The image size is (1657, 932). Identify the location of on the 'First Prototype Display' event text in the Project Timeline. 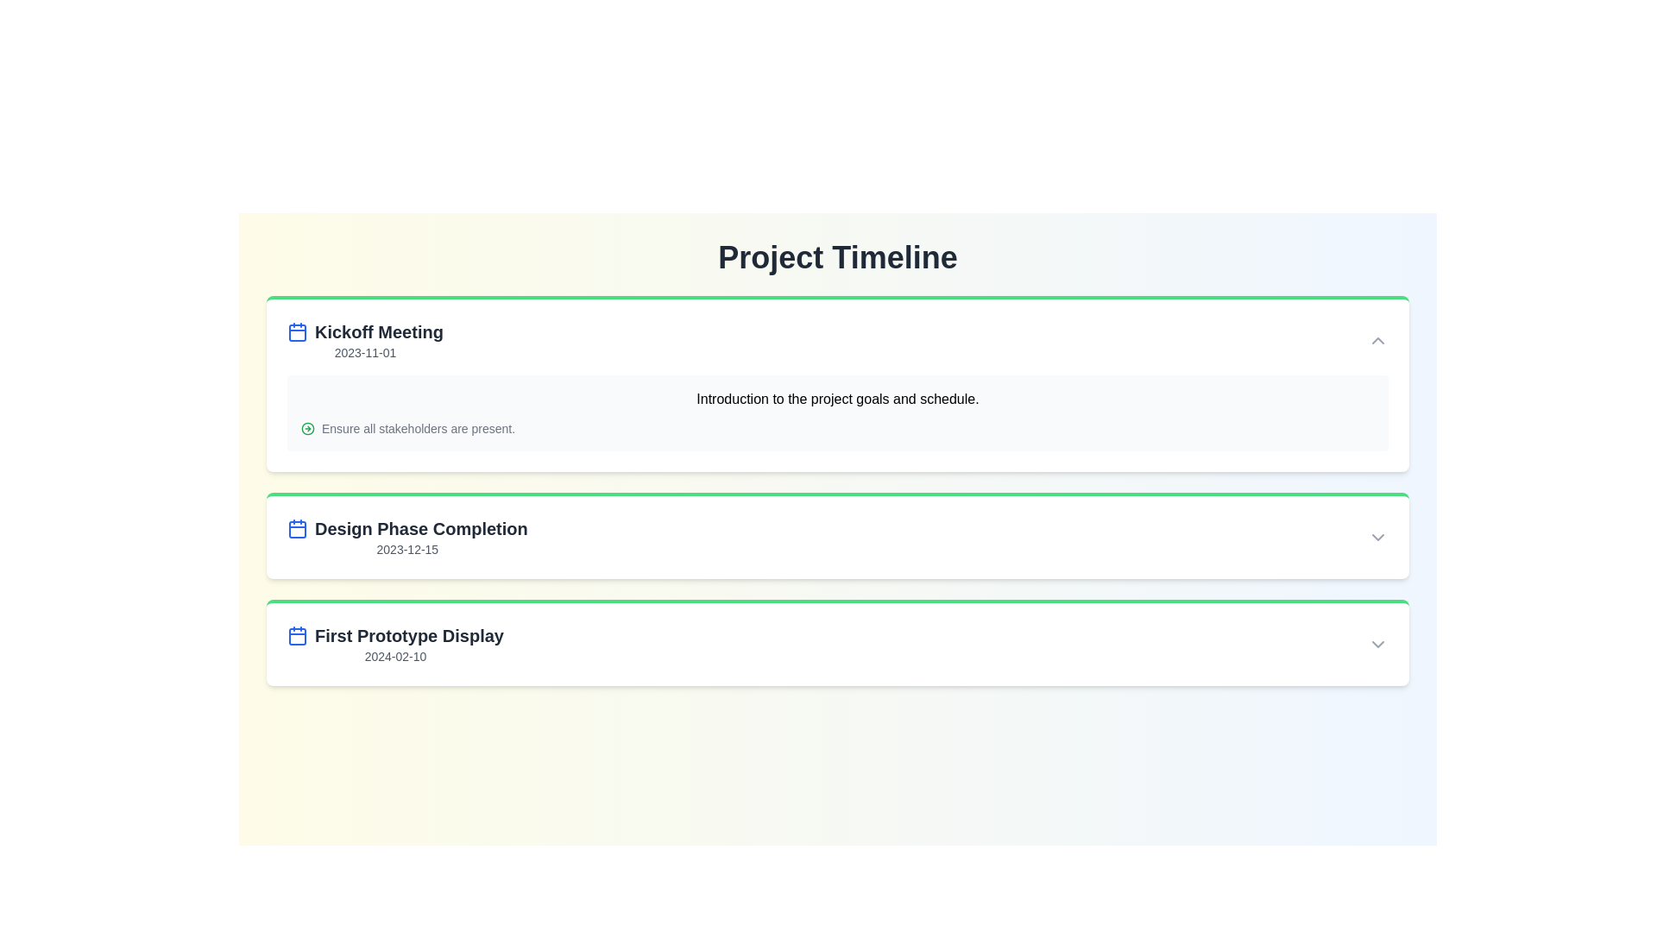
(394, 645).